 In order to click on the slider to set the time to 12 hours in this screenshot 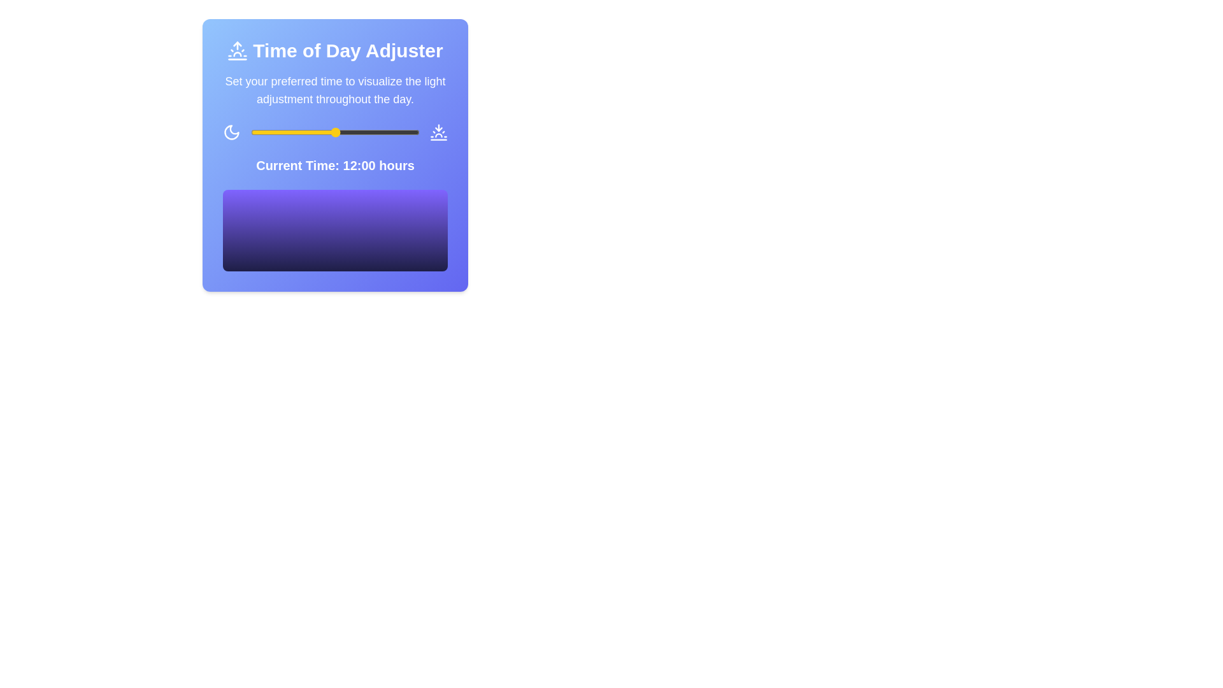, I will do `click(335, 133)`.